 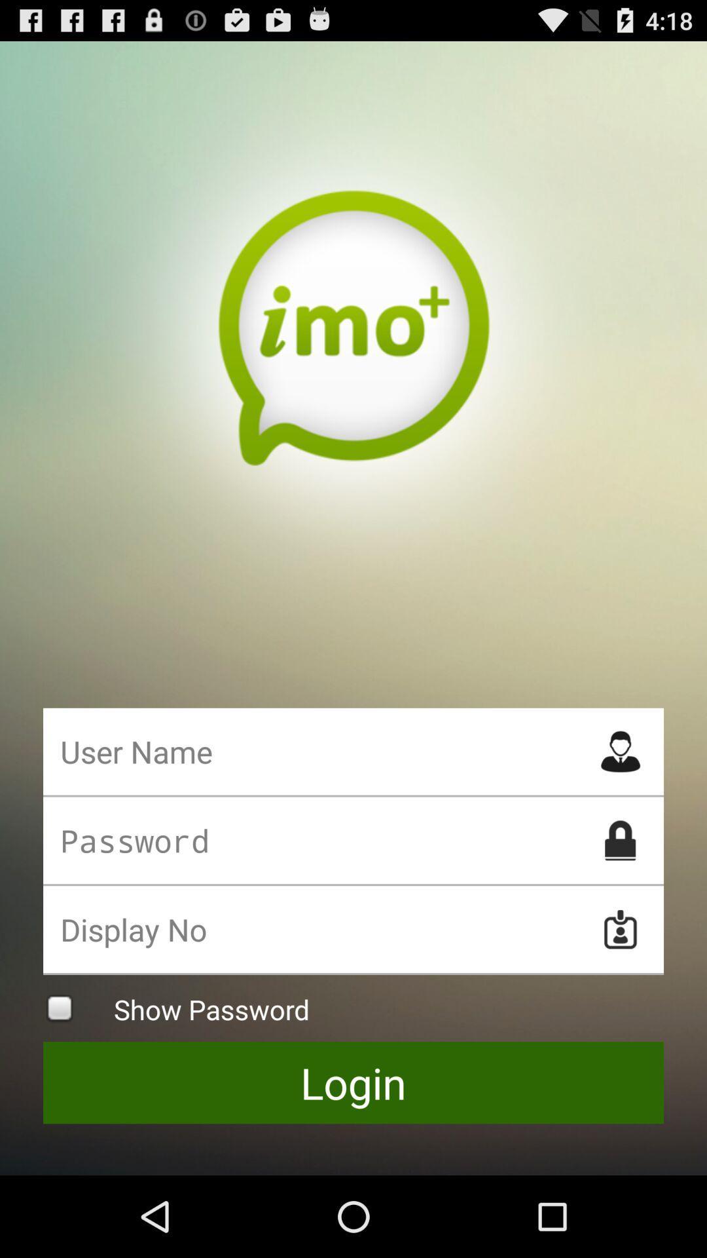 What do you see at coordinates (353, 1082) in the screenshot?
I see `the login button` at bounding box center [353, 1082].